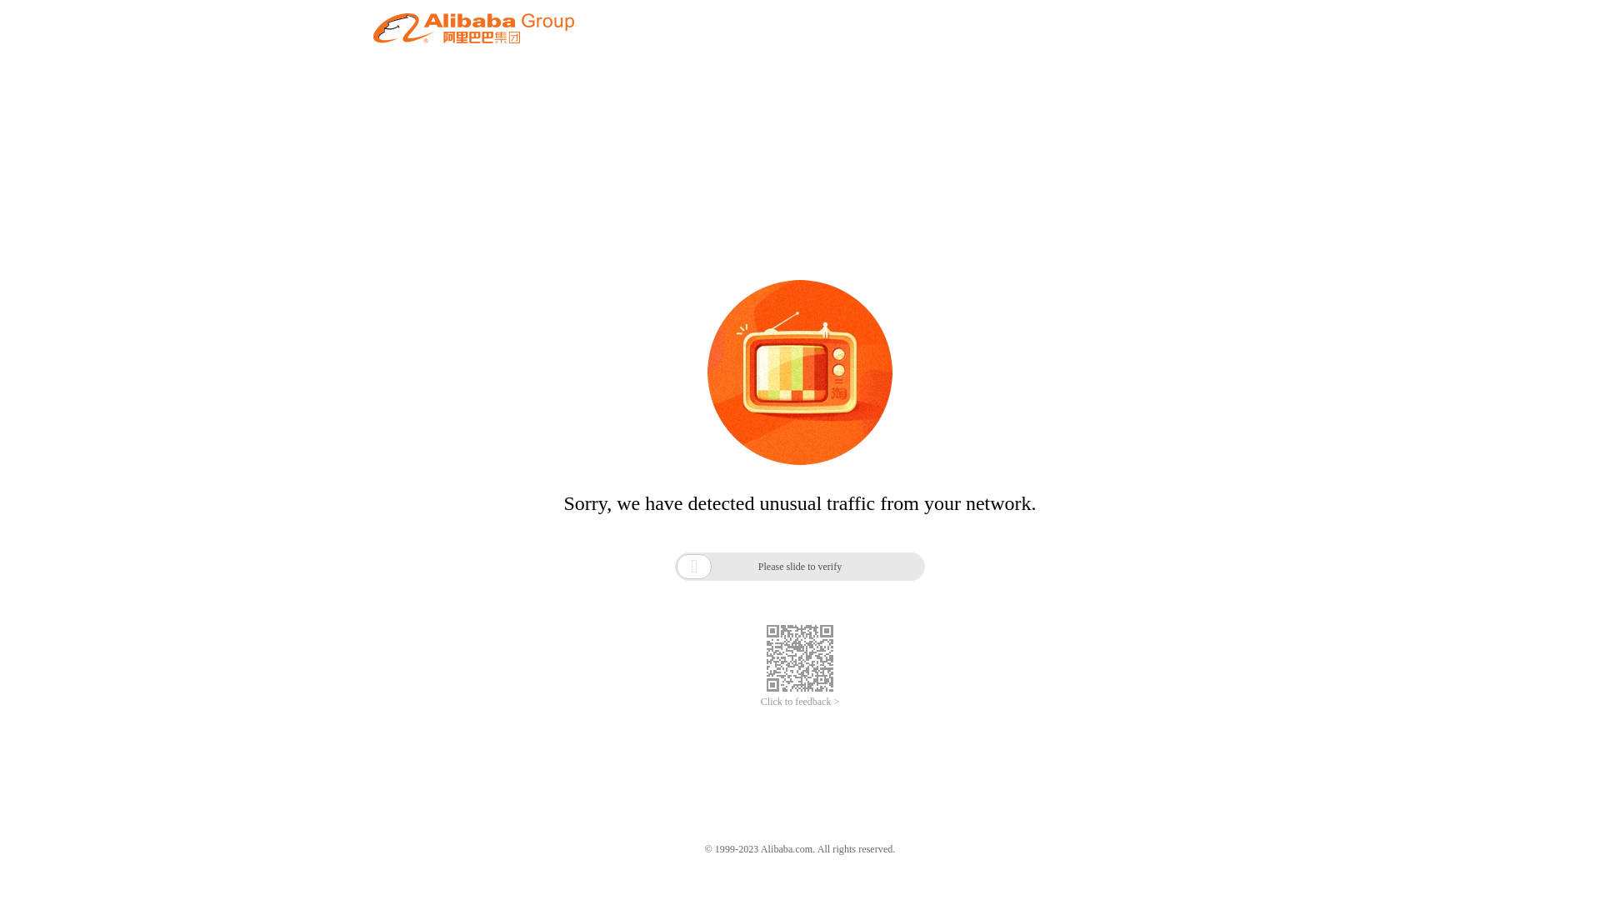 The width and height of the screenshot is (1600, 900). What do you see at coordinates (800, 702) in the screenshot?
I see `'Click to feedback >'` at bounding box center [800, 702].